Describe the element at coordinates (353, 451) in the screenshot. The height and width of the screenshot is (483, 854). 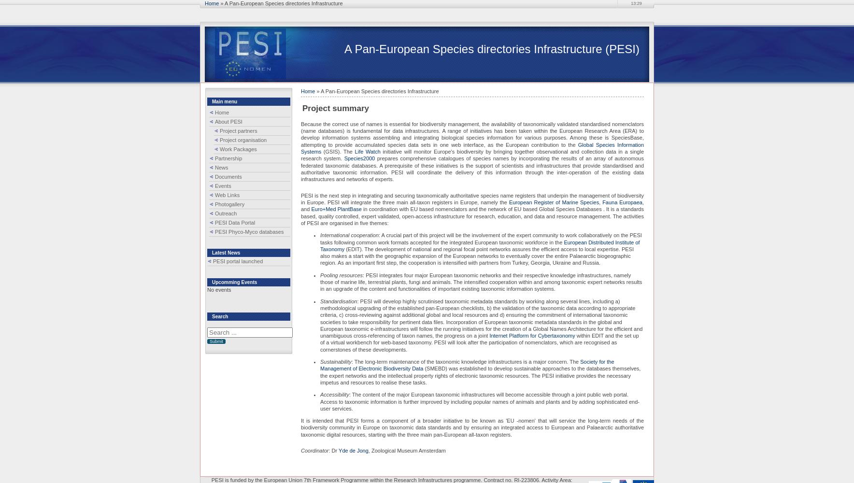
I see `'Yde de Jong'` at that location.